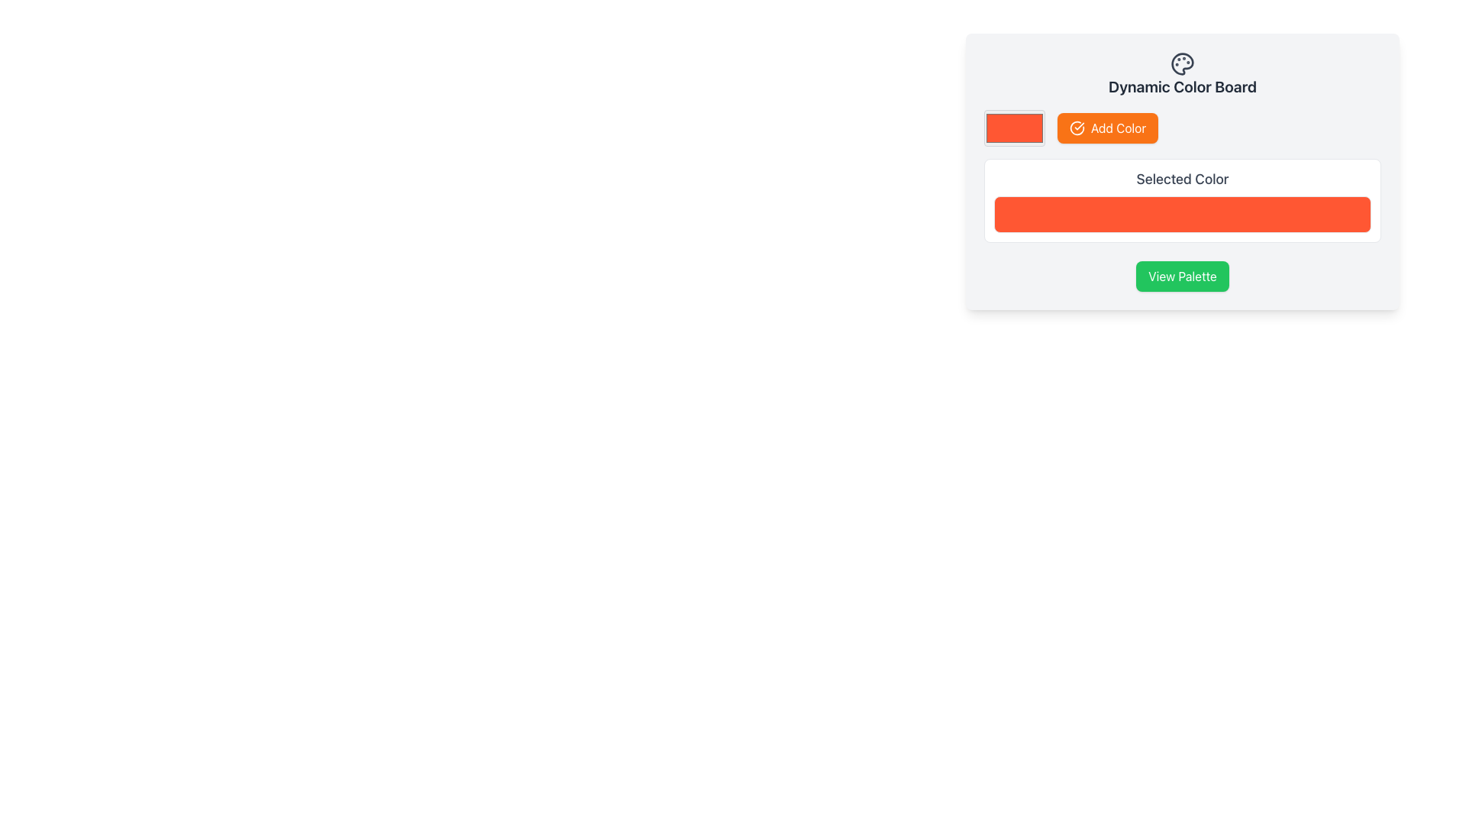 The height and width of the screenshot is (825, 1466). Describe the element at coordinates (1182, 74) in the screenshot. I see `the header element titled 'Dynamic Color Board' which features a palette icon above the bold text, distinguished by its light gray background` at that location.